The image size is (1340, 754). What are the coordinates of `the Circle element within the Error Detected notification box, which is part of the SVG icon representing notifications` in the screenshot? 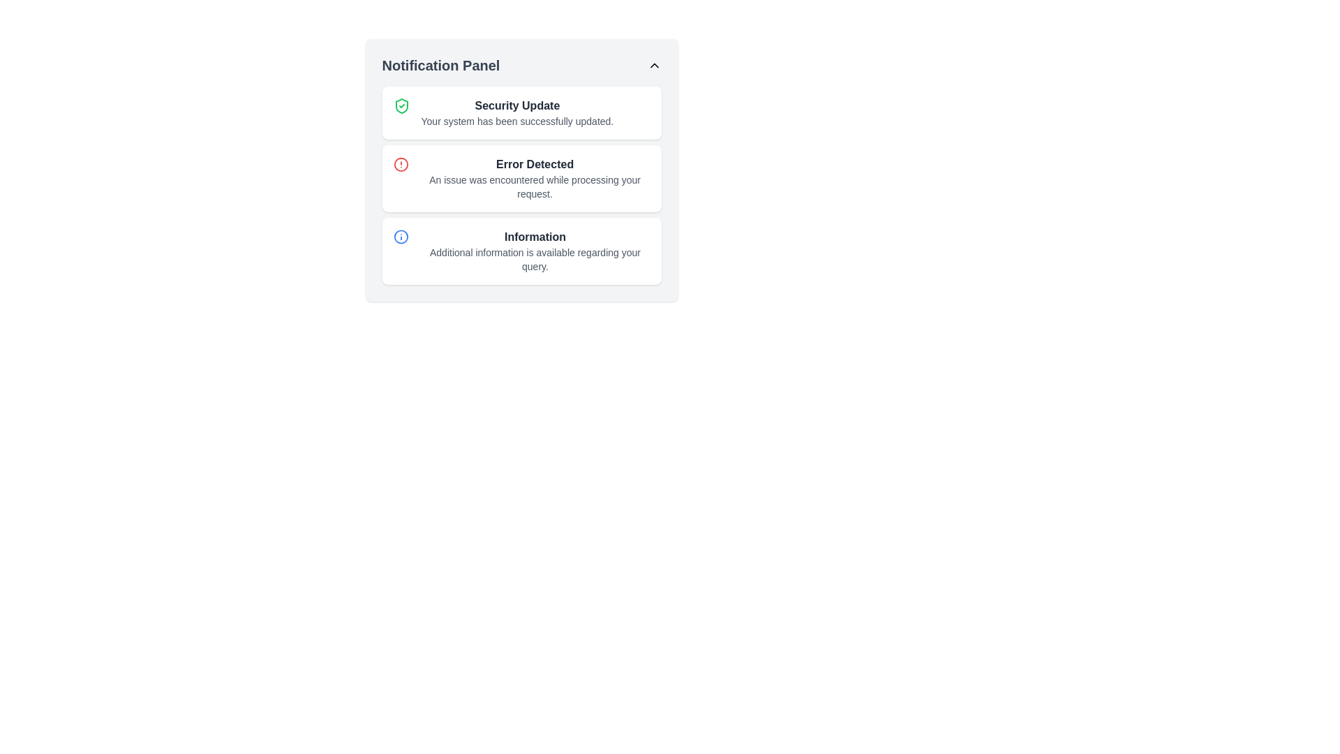 It's located at (400, 163).